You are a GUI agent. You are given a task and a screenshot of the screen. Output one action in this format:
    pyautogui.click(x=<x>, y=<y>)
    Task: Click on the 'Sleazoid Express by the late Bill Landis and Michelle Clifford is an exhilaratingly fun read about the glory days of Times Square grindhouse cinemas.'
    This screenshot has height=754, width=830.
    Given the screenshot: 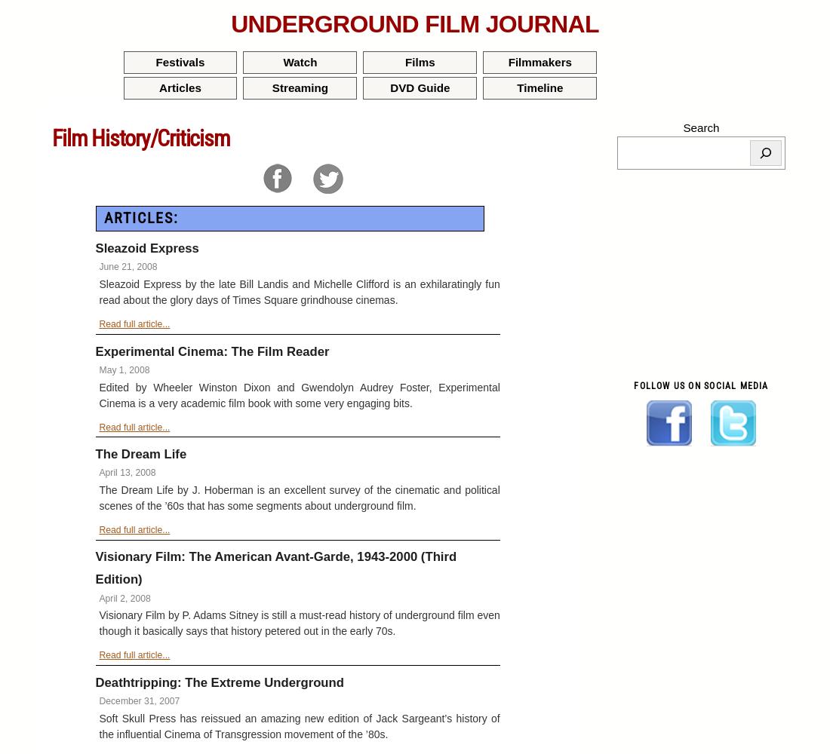 What is the action you would take?
    pyautogui.click(x=99, y=292)
    